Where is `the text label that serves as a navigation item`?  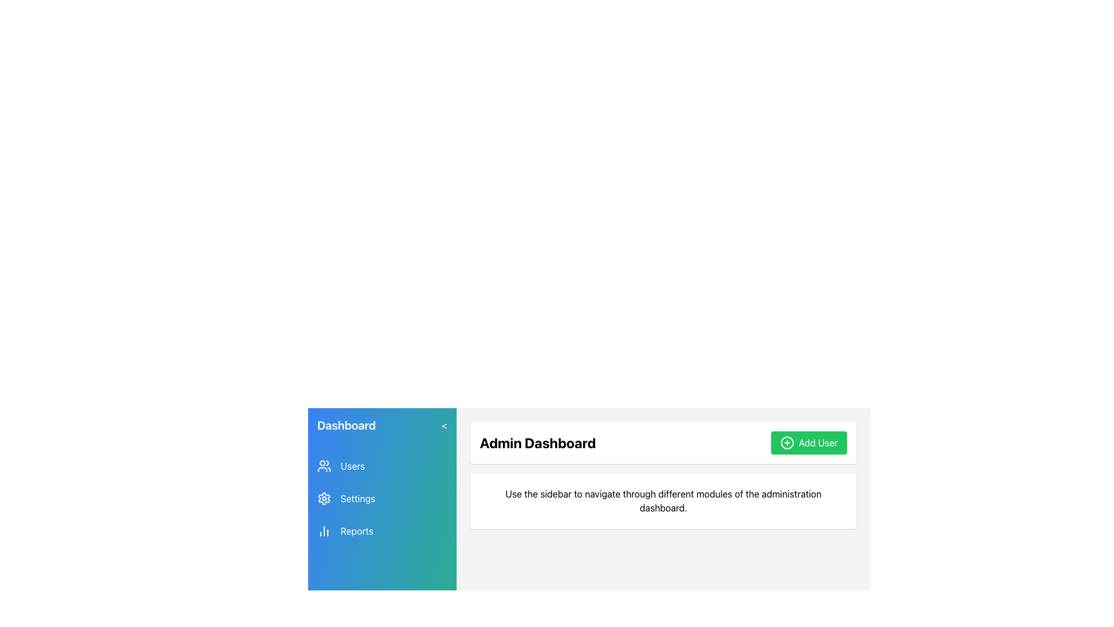 the text label that serves as a navigation item is located at coordinates (357, 498).